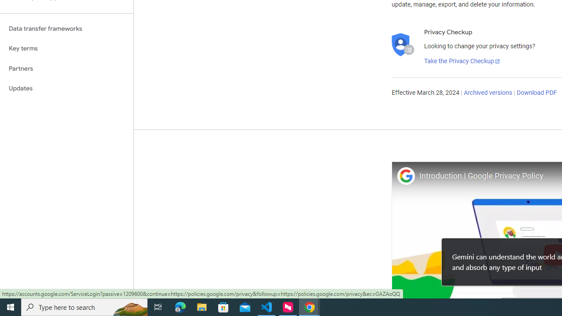 This screenshot has width=562, height=316. What do you see at coordinates (66, 48) in the screenshot?
I see `'Key terms'` at bounding box center [66, 48].